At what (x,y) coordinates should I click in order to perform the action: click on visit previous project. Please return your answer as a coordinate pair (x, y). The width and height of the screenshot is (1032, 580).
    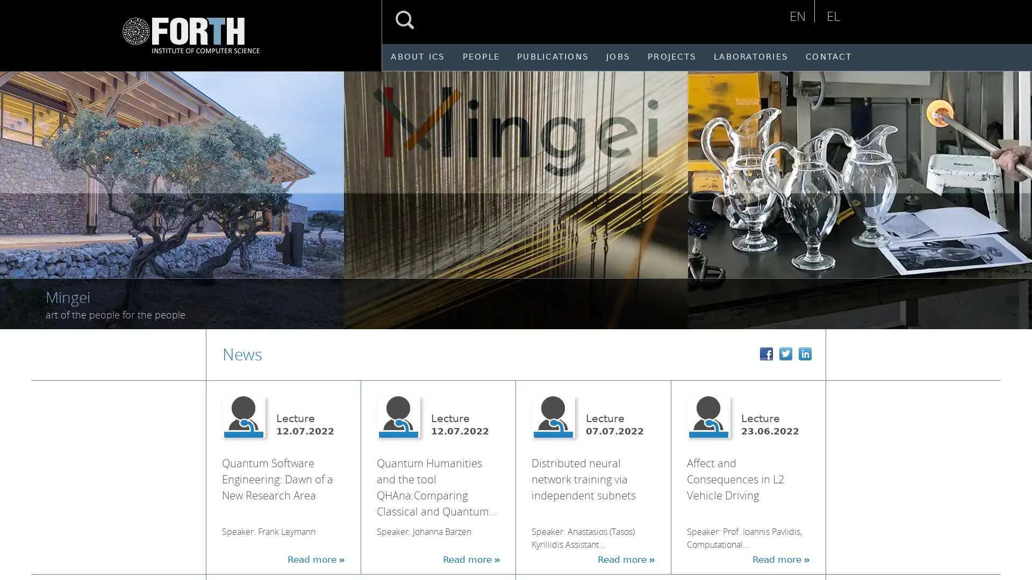
    Looking at the image, I should click on (20, 194).